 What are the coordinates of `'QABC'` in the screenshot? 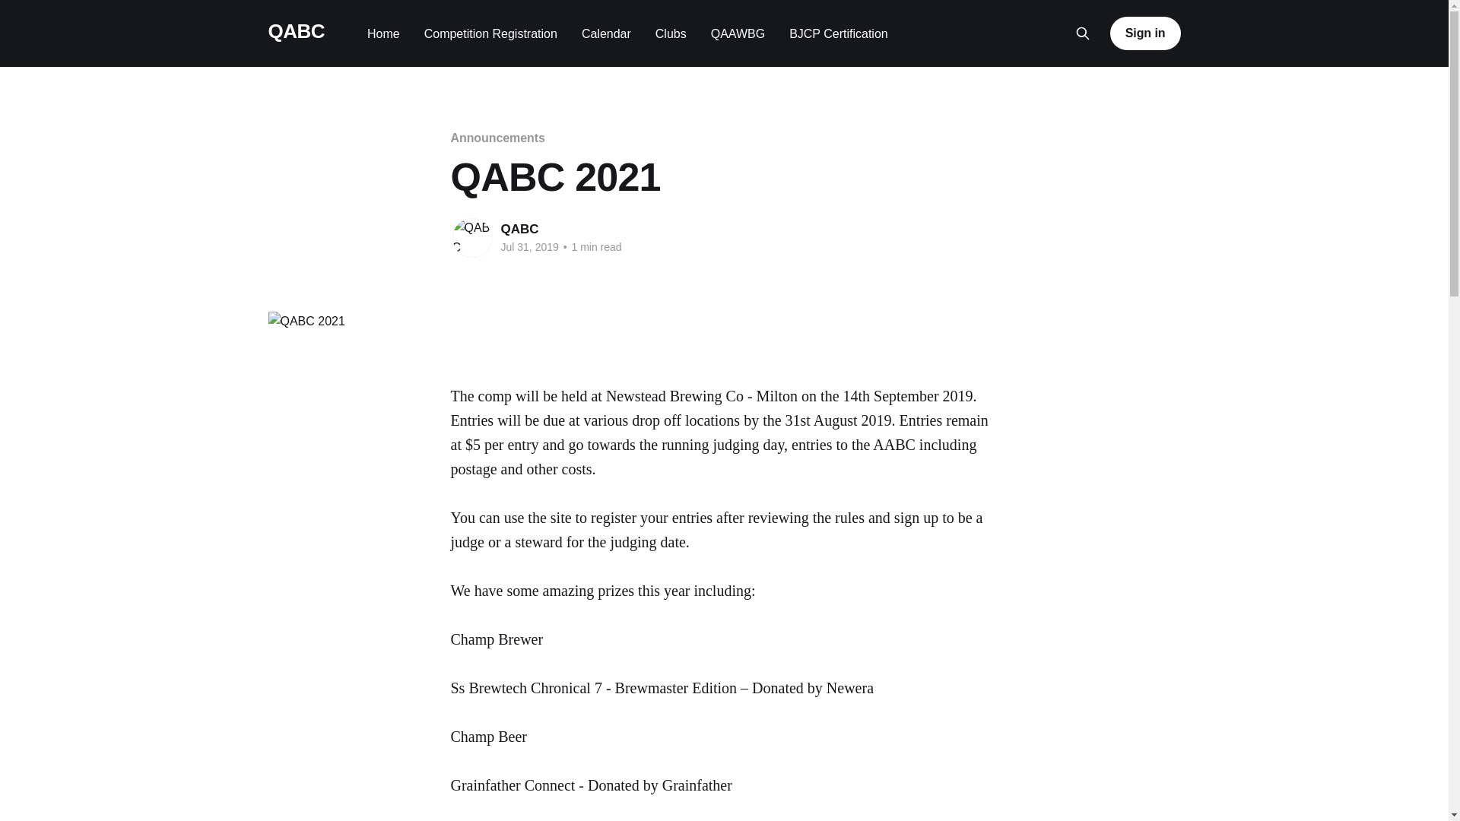 It's located at (295, 31).